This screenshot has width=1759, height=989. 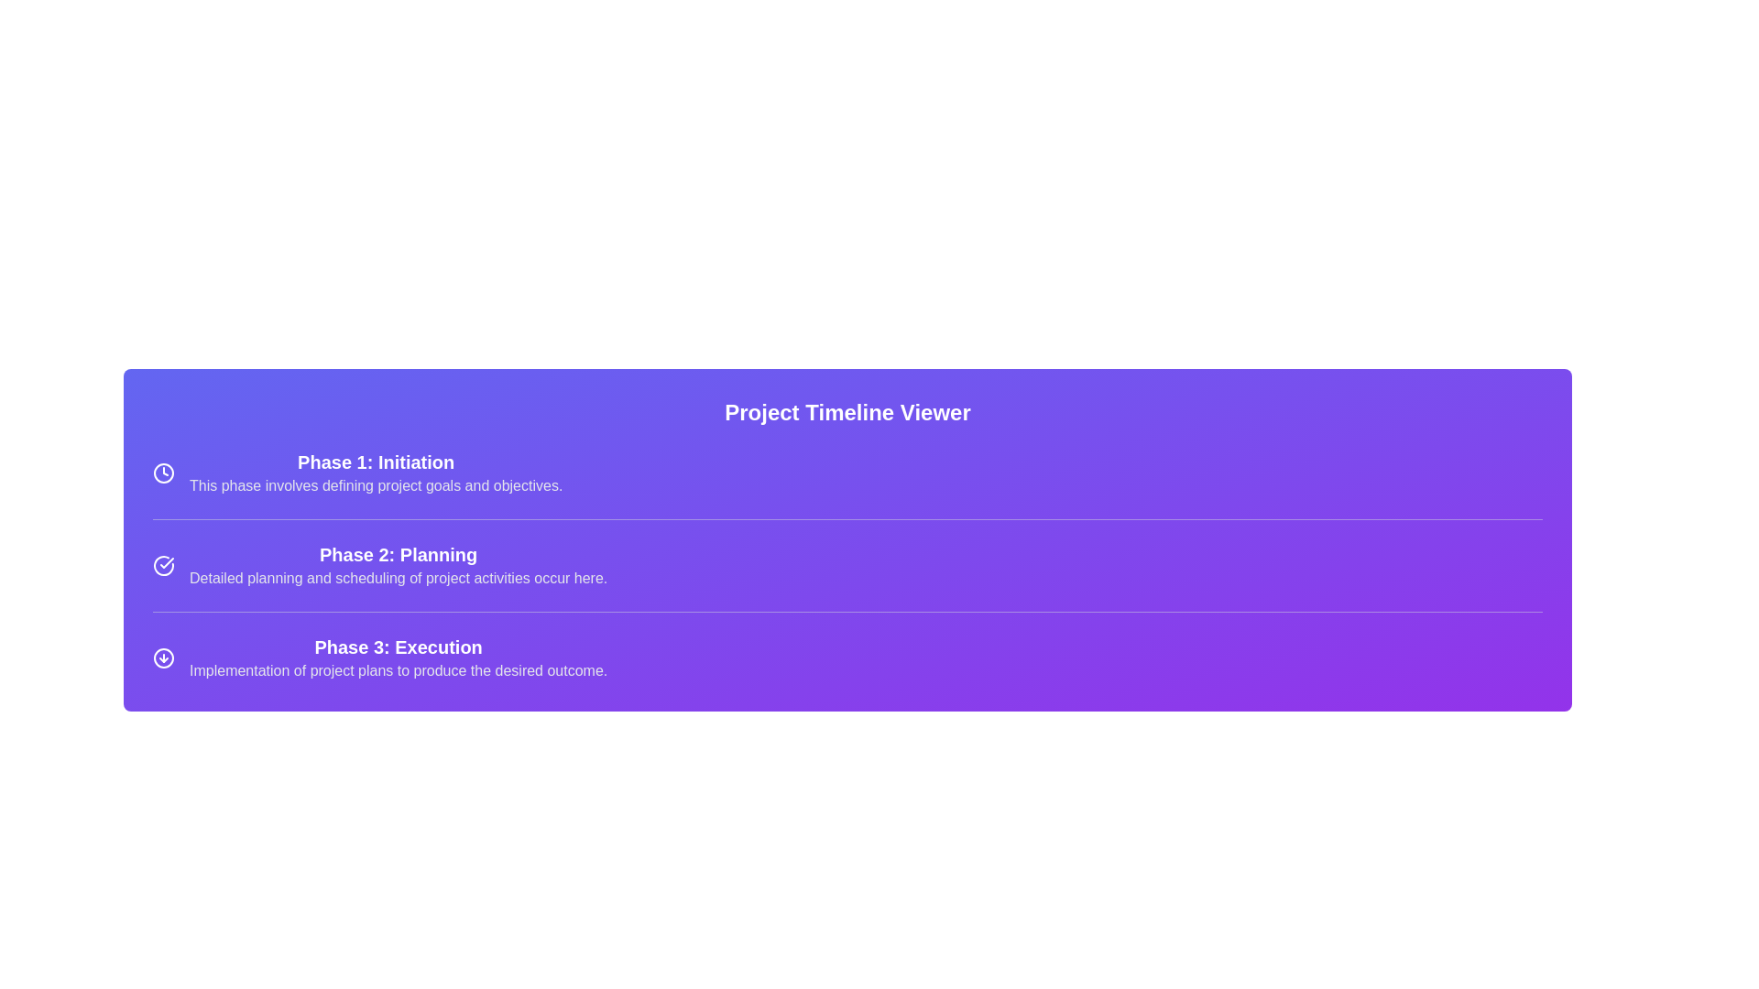 What do you see at coordinates (375, 472) in the screenshot?
I see `the 'Initiation' phase text block in the Project Timeline Viewer, which is positioned under the heading with a clock icon to its left` at bounding box center [375, 472].